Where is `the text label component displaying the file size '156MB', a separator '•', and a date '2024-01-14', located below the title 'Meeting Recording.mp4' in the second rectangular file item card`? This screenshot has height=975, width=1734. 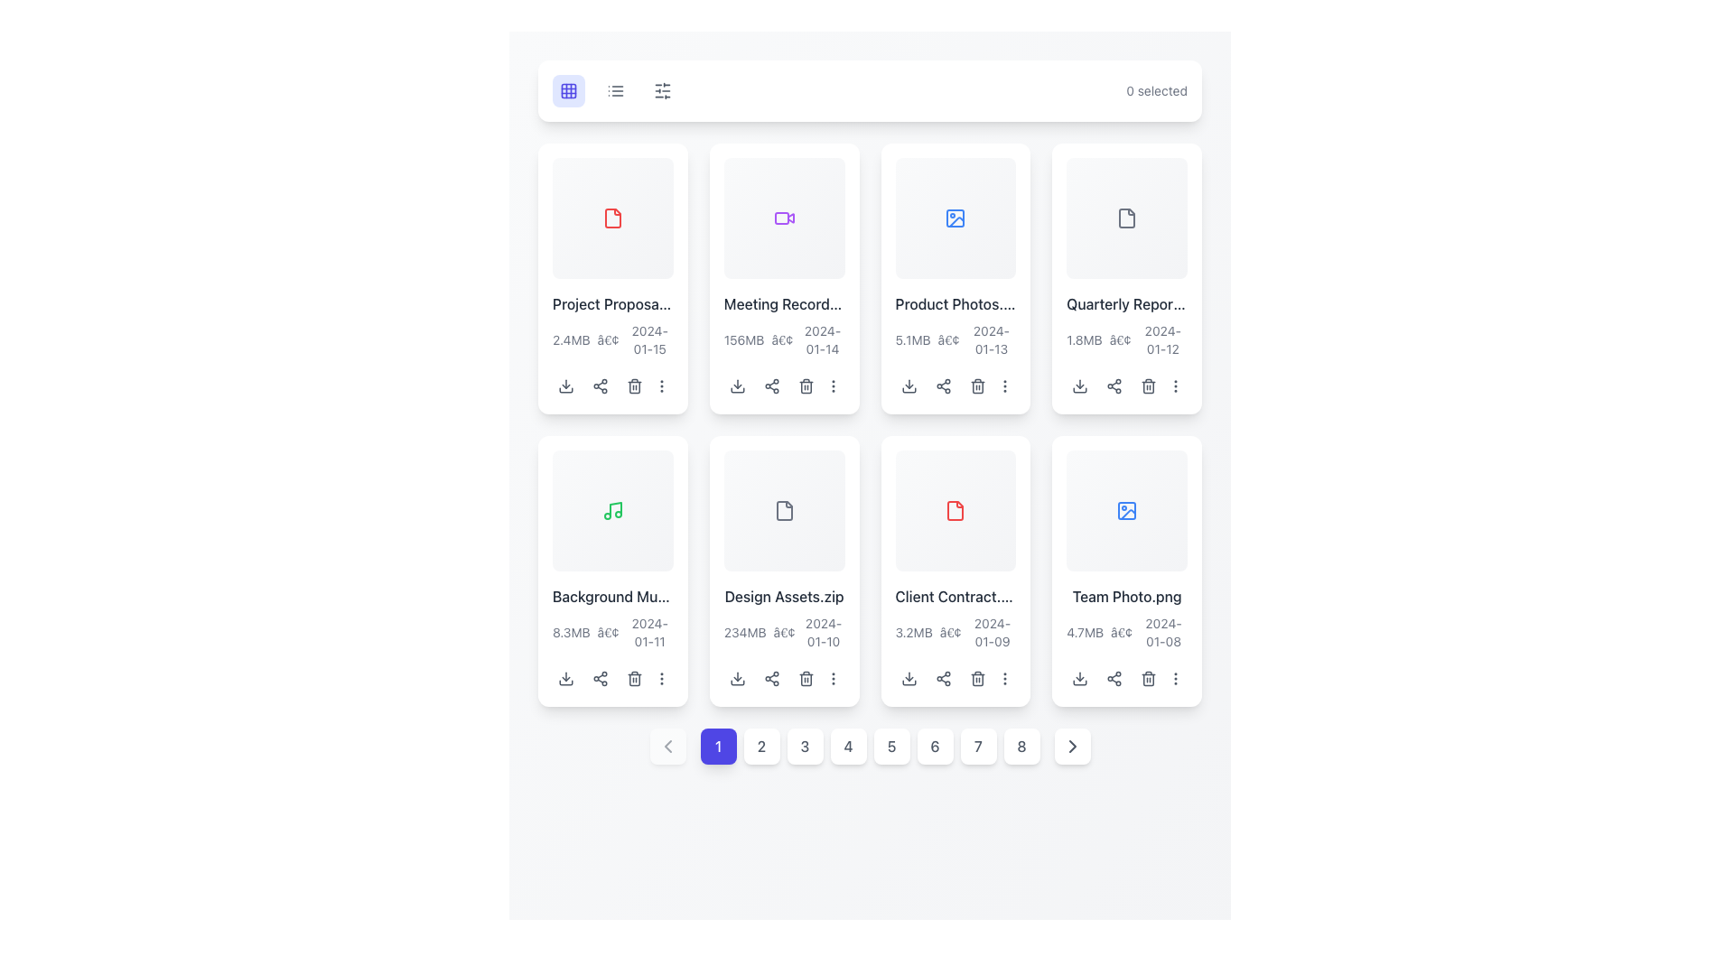
the text label component displaying the file size '156MB', a separator '•', and a date '2024-01-14', located below the title 'Meeting Recording.mp4' in the second rectangular file item card is located at coordinates (784, 339).